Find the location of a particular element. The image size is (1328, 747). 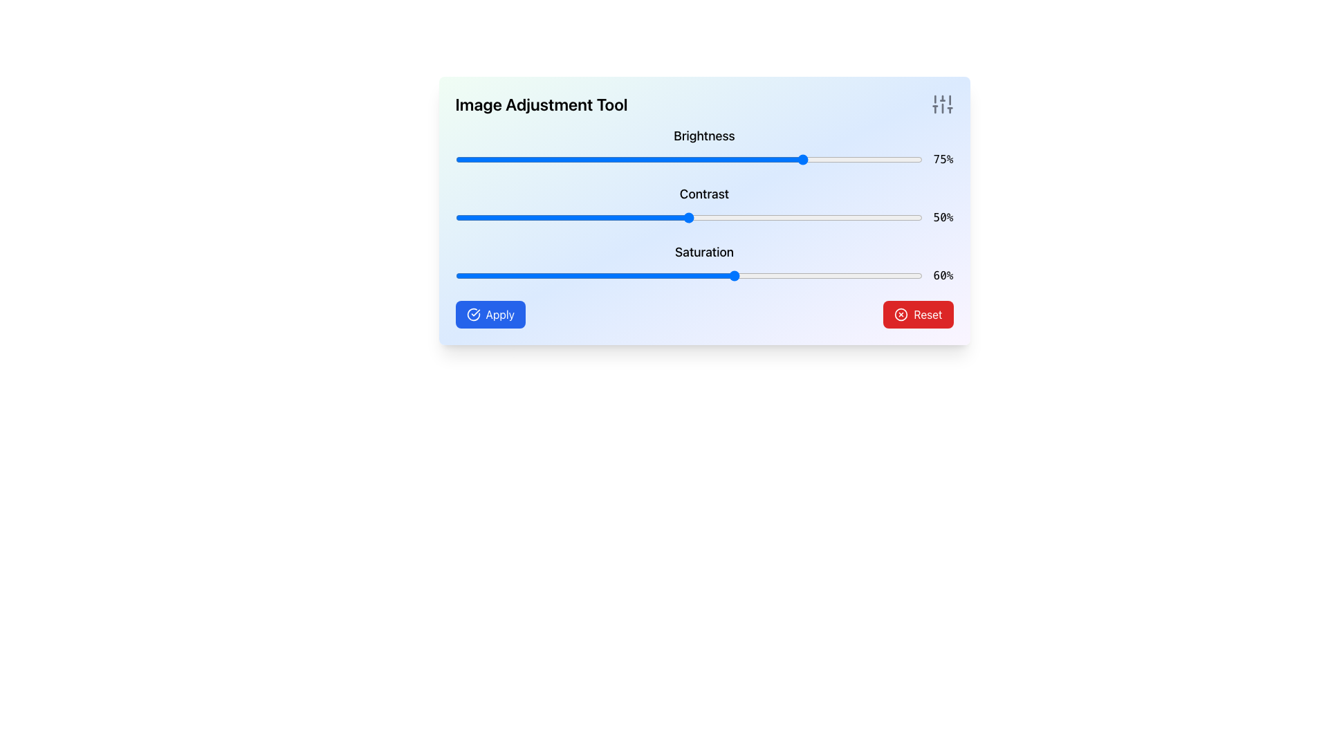

the brightness is located at coordinates (650, 159).